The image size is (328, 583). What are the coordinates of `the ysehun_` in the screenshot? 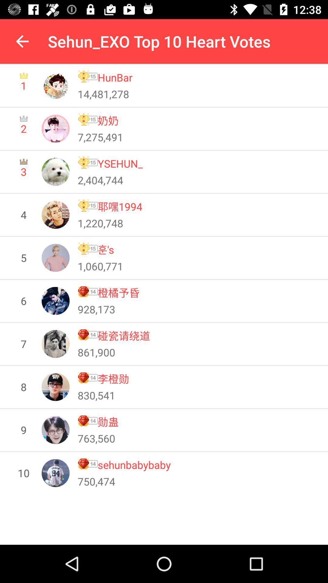 It's located at (120, 163).